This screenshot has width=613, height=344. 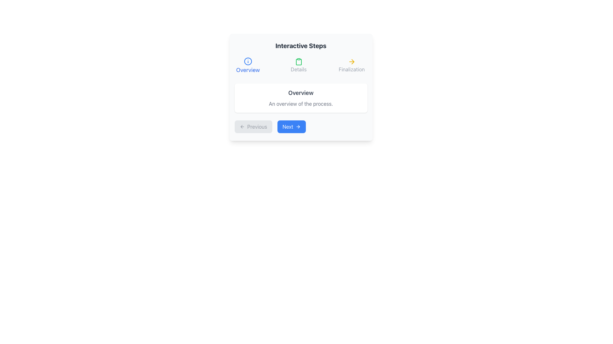 I want to click on the 'Details' step icon, which is centrally located within the 'Details' button of the interactive steps navigation, so click(x=298, y=62).